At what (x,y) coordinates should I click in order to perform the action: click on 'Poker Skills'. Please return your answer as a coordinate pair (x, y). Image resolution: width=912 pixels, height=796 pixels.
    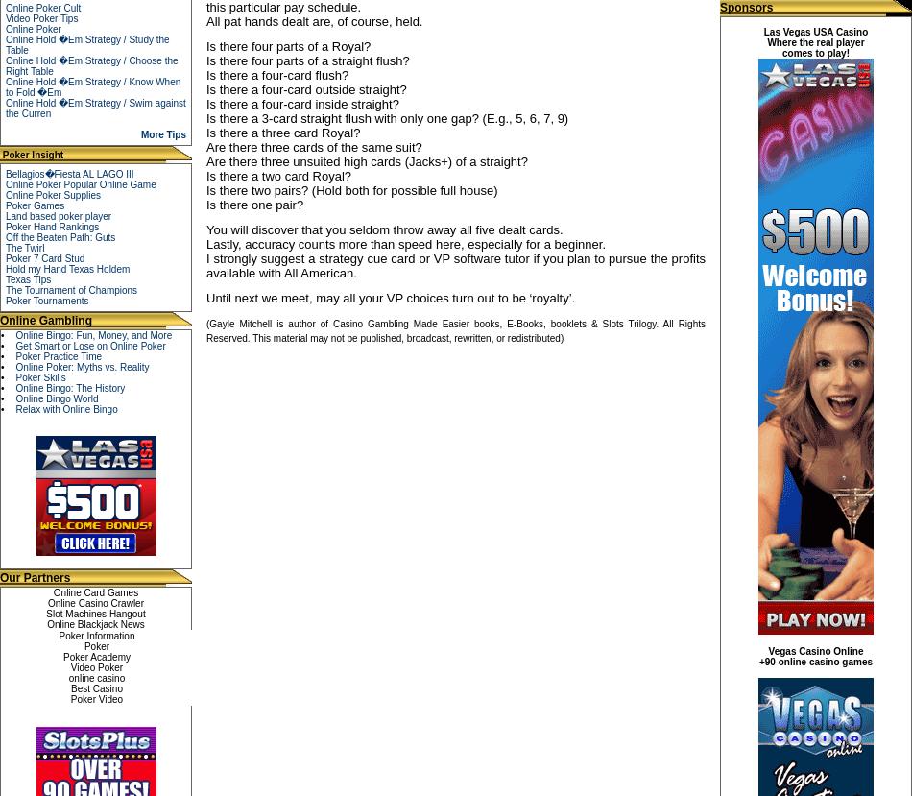
    Looking at the image, I should click on (39, 377).